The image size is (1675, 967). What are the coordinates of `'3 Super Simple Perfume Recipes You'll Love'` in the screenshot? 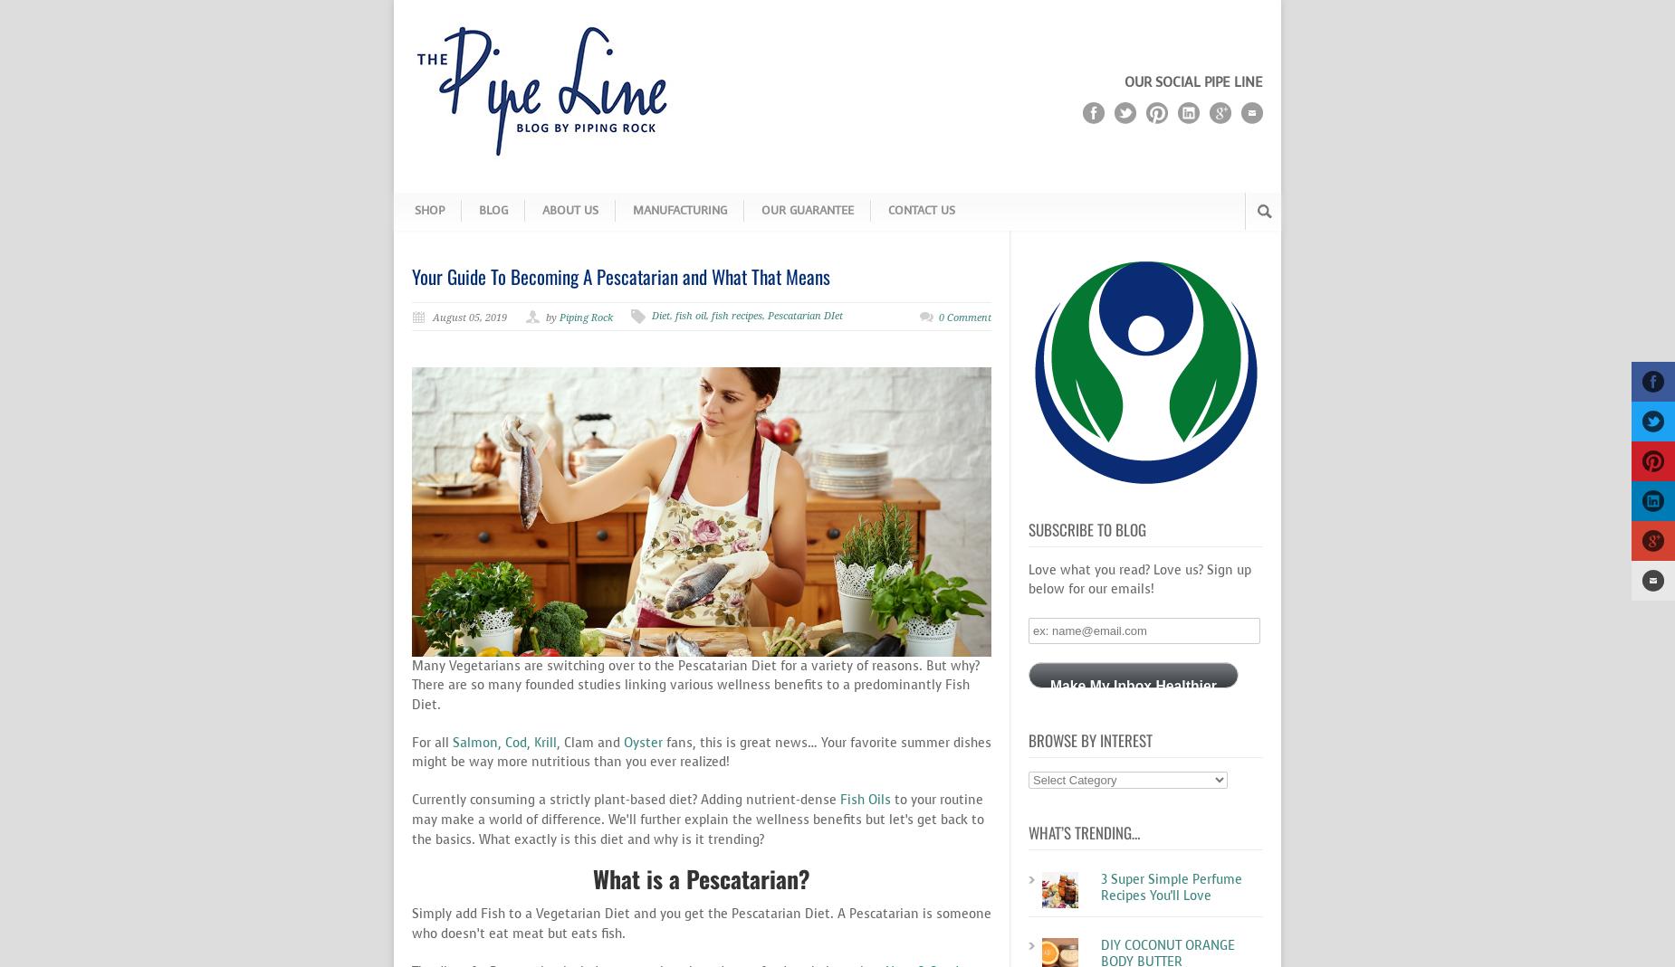 It's located at (1169, 887).